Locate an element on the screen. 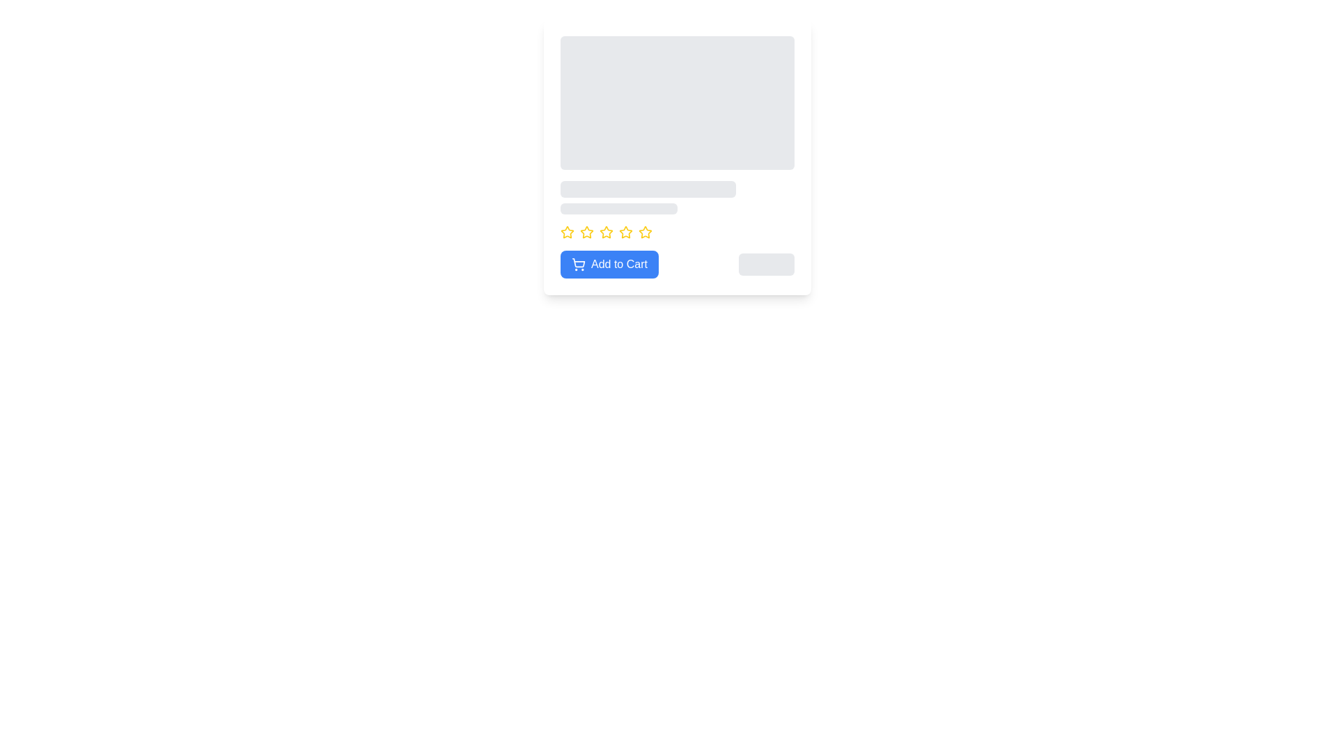 This screenshot has width=1337, height=752. the Loading Placeholder, which is a horizontal rectangular bar with rounded edges and a gray background, located within a card layout, positioned below an image placeholder is located at coordinates (648, 189).